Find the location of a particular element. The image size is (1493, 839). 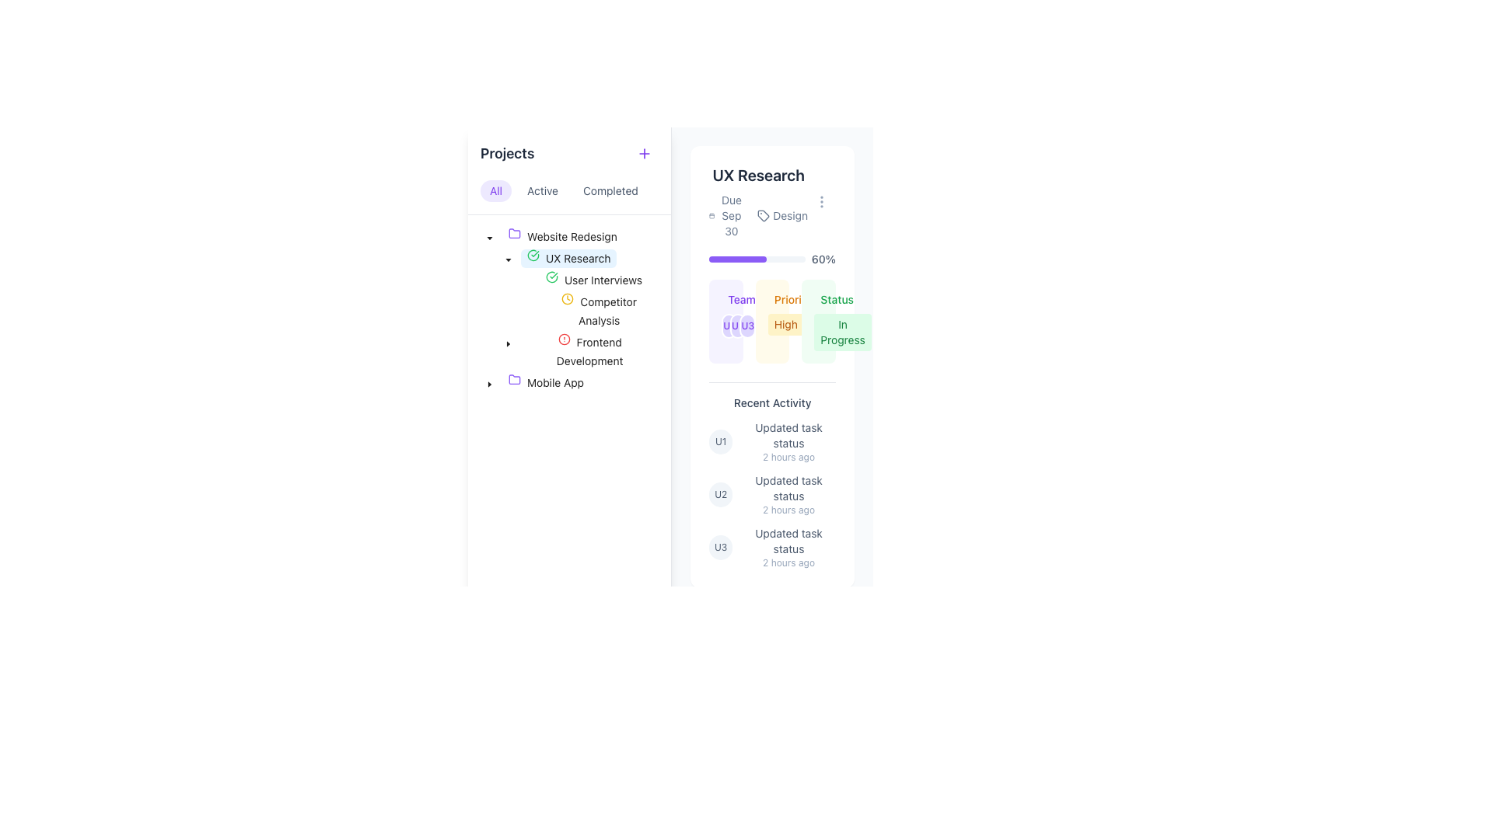

the first circular Avatar or Label element representing a user or participant, located at the far left of three similar elements adjacent to 'U2' and 'U3' is located at coordinates (728, 326).